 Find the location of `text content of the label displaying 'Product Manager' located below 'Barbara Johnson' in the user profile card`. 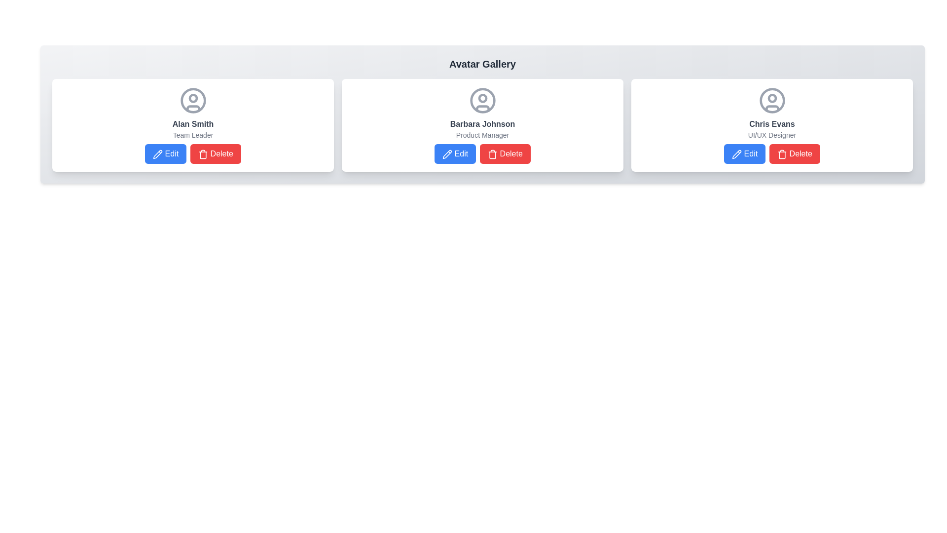

text content of the label displaying 'Product Manager' located below 'Barbara Johnson' in the user profile card is located at coordinates (482, 135).